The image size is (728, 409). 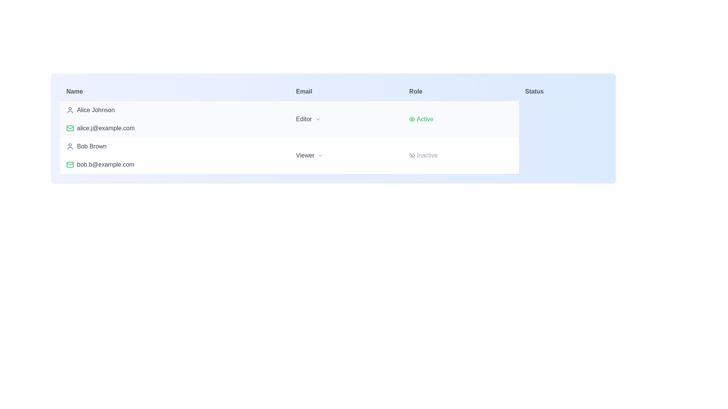 I want to click on the green-colored envelope icon located in the 'Email' column next to the email address 'bob.b@example.com' in the user management table, so click(x=70, y=164).